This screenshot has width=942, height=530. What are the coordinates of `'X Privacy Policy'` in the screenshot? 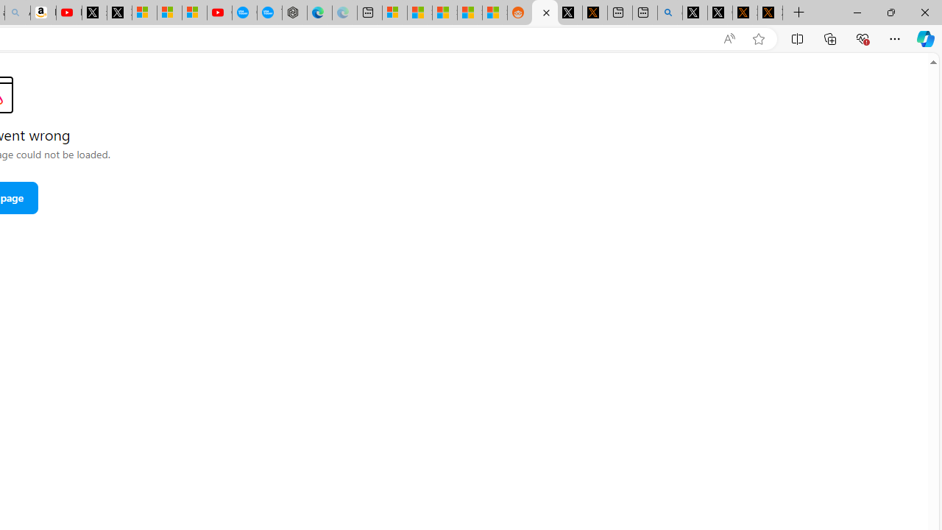 It's located at (770, 13).